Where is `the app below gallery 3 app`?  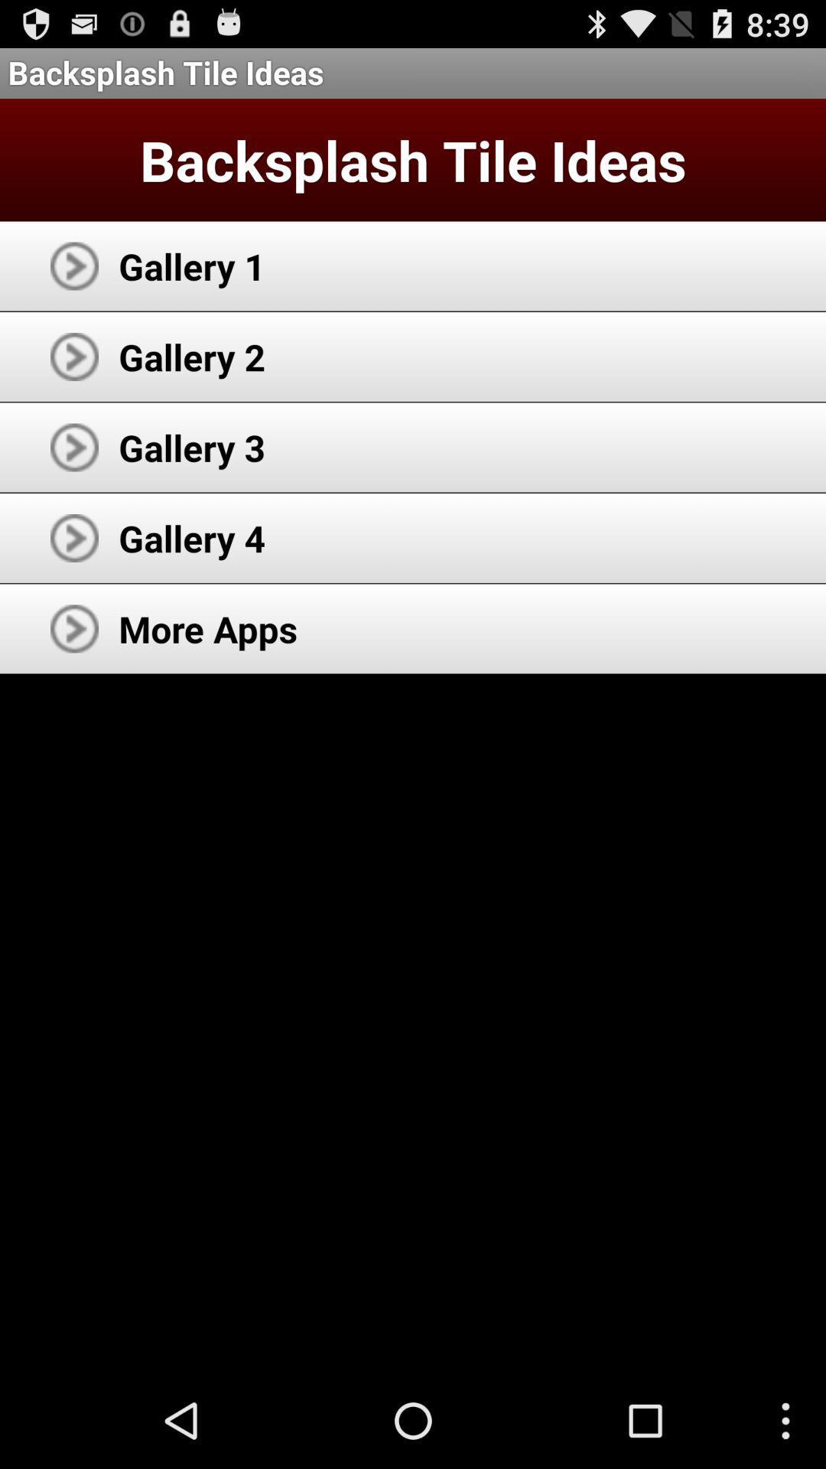
the app below gallery 3 app is located at coordinates (191, 538).